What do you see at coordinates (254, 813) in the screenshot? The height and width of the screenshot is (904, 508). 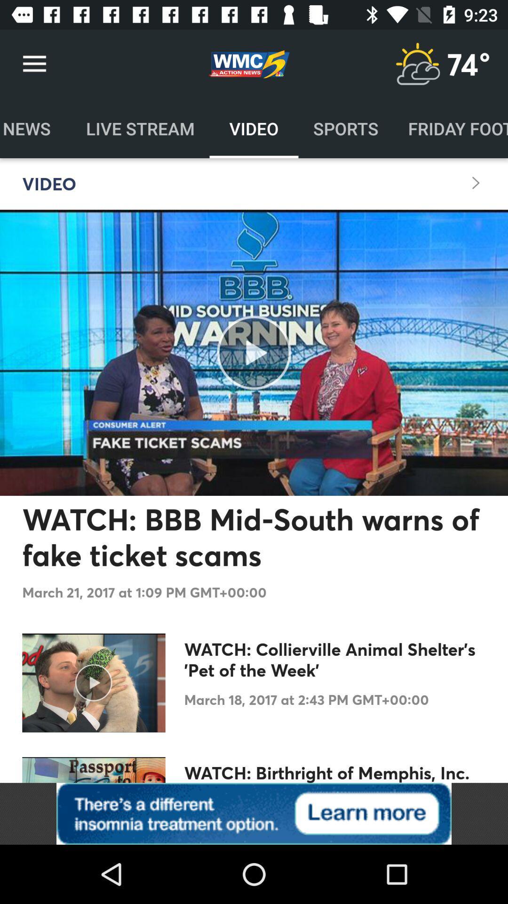 I see `advertisement about insomnia treatment` at bounding box center [254, 813].